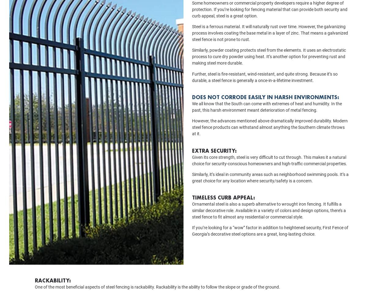 The height and width of the screenshot is (291, 367). Describe the element at coordinates (270, 186) in the screenshot. I see `'Similarly, it’s ideal in community areas such as neighborhood swimming pools. It’s a great choice for any location where security/safety is a concern.'` at that location.